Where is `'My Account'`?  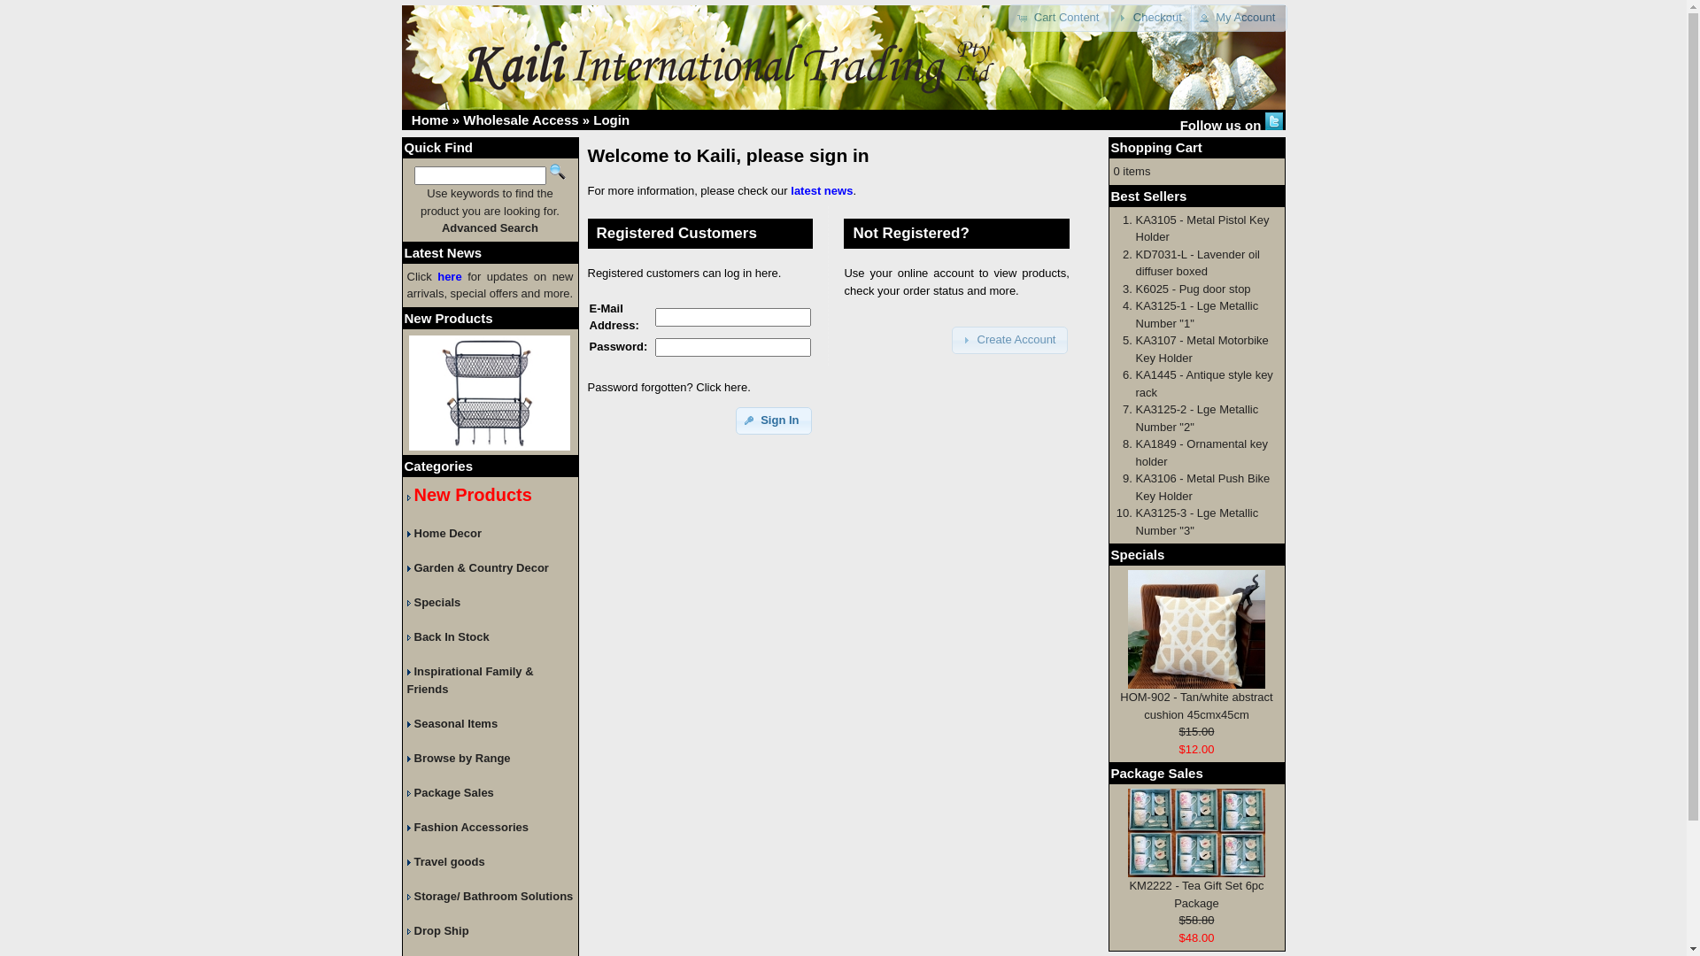 'My Account' is located at coordinates (1239, 18).